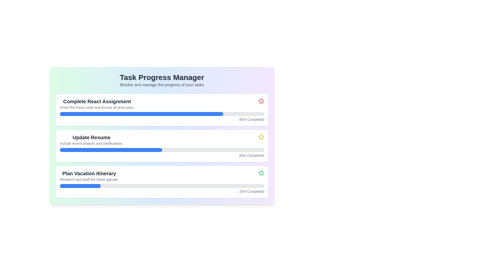 This screenshot has height=270, width=481. Describe the element at coordinates (89, 176) in the screenshot. I see `the text-based task item titled 'Plan Vacation Itinerary'` at that location.